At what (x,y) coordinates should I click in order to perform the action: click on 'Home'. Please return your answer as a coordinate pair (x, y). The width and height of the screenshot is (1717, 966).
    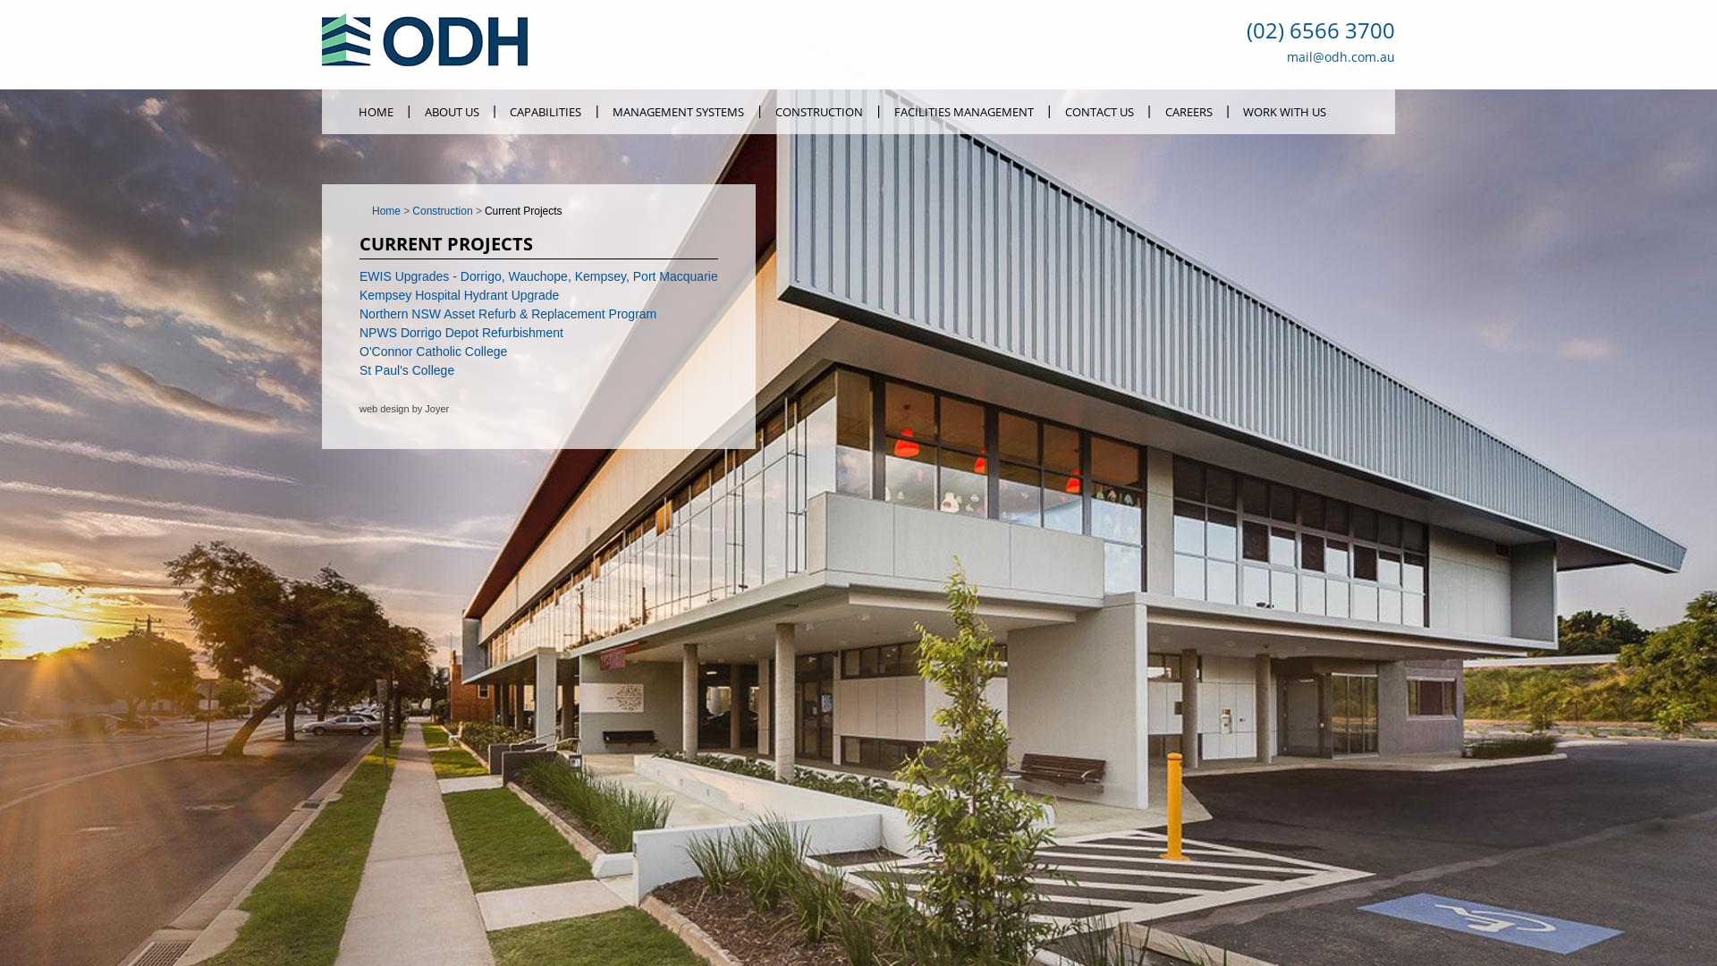
    Looking at the image, I should click on (371, 209).